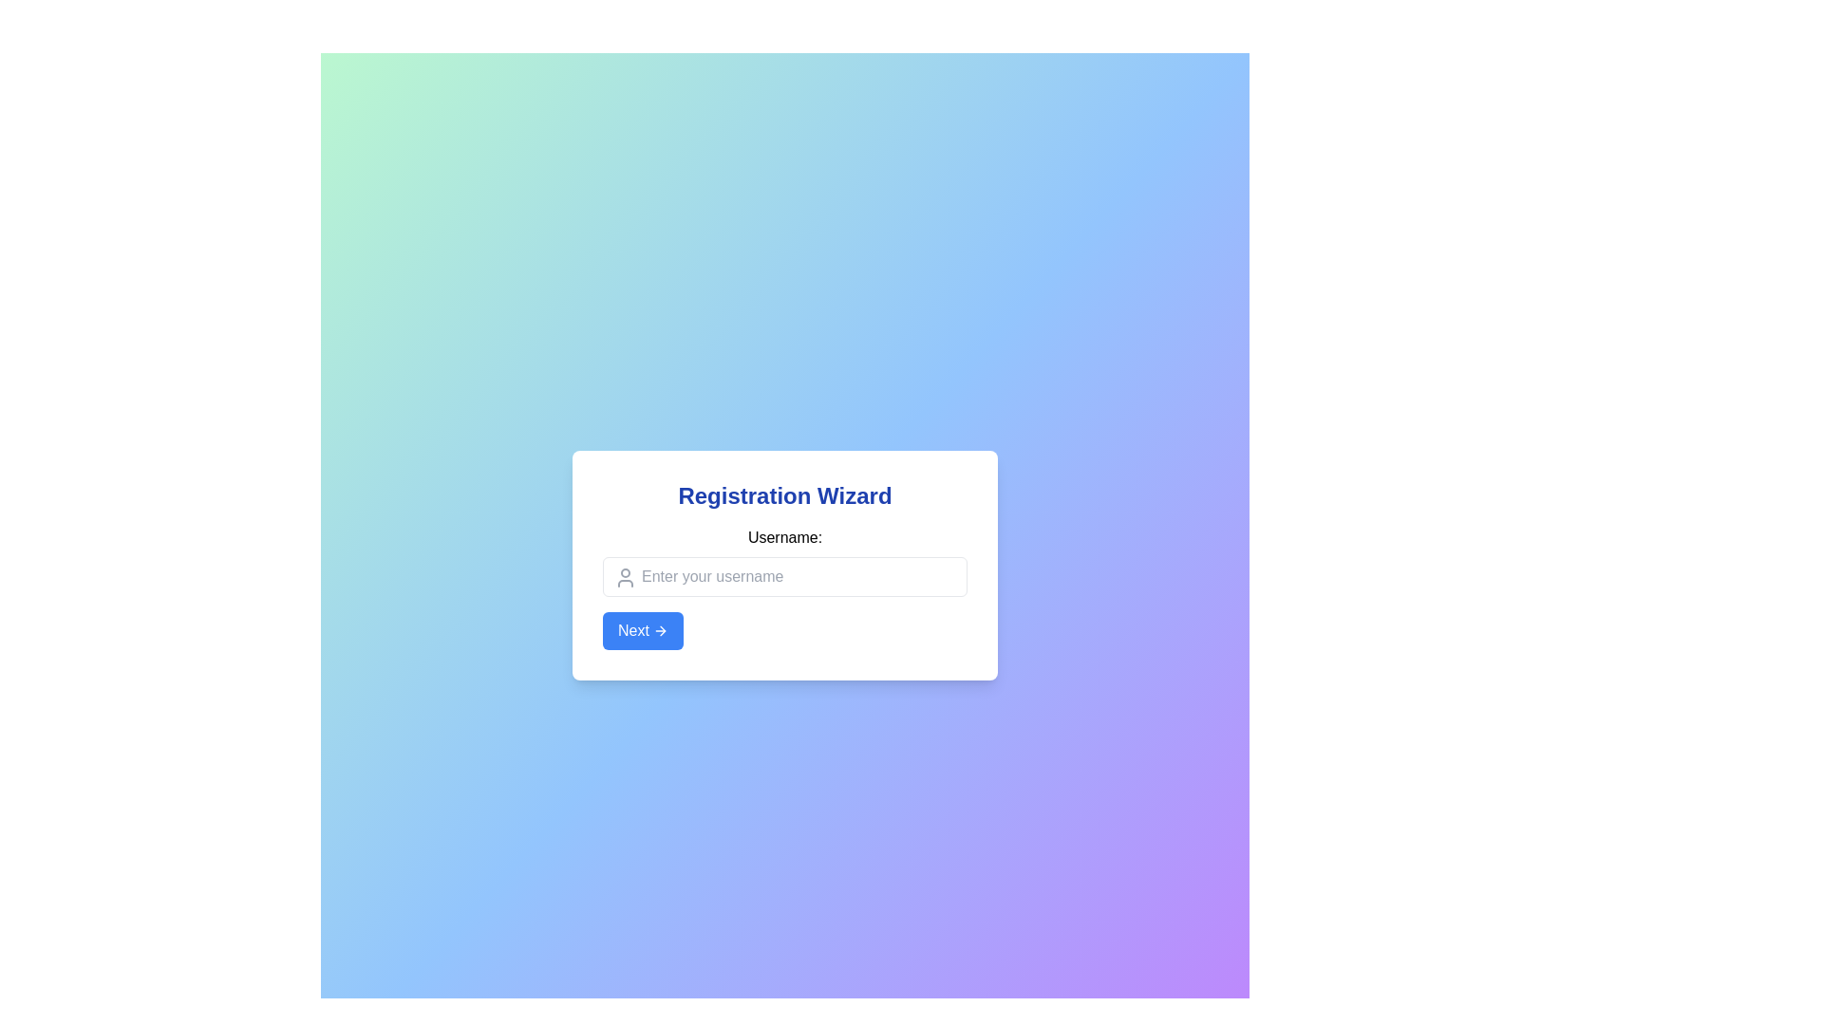 Image resolution: width=1823 pixels, height=1025 pixels. Describe the element at coordinates (663, 630) in the screenshot. I see `the rightward-pointing arrow icon, which is part of the 'Next' button in the form, located to the right of the button's text` at that location.